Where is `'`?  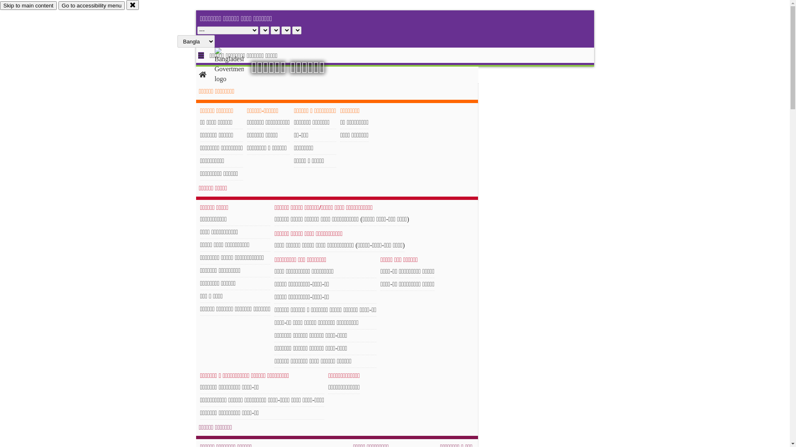 ' is located at coordinates (236, 65).